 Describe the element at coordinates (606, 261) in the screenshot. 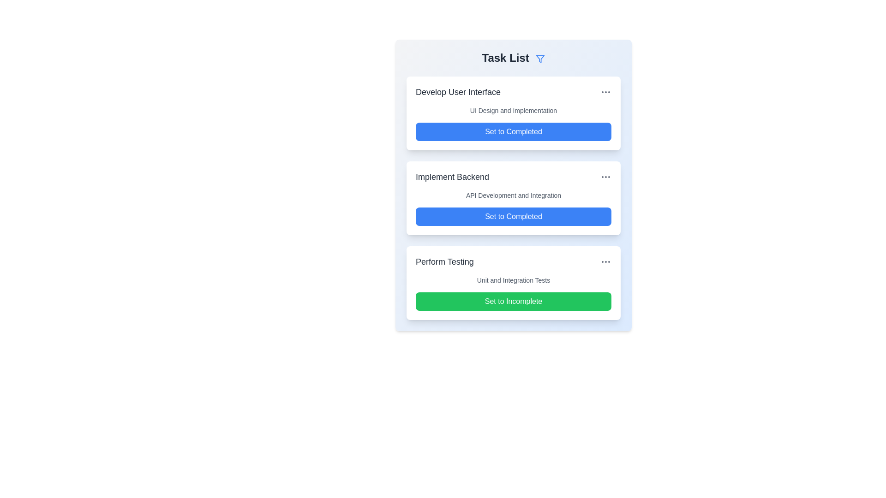

I see `the ellipsis icon next to the task titled 'Perform Testing' to open additional options` at that location.